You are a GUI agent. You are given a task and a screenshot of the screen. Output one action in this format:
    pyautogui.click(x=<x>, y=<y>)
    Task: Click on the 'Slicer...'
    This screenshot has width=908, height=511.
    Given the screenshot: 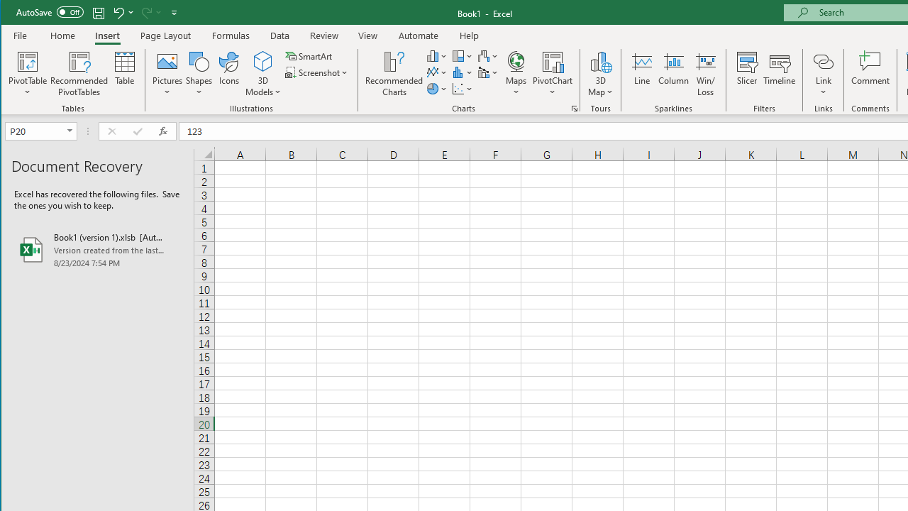 What is the action you would take?
    pyautogui.click(x=746, y=74)
    